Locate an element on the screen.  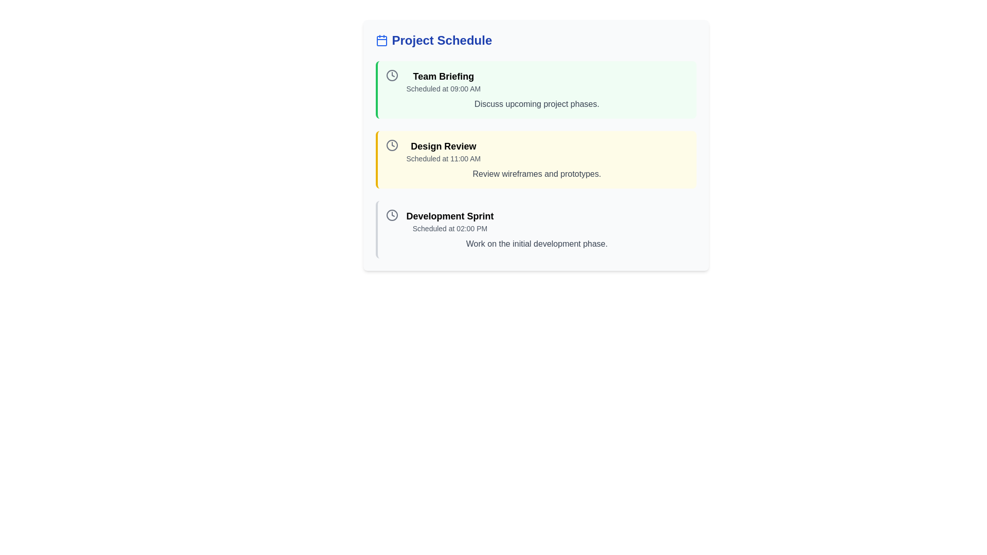
the Information card titled 'Team Briefing' which has a light green background and a bold left border in green is located at coordinates (535, 89).